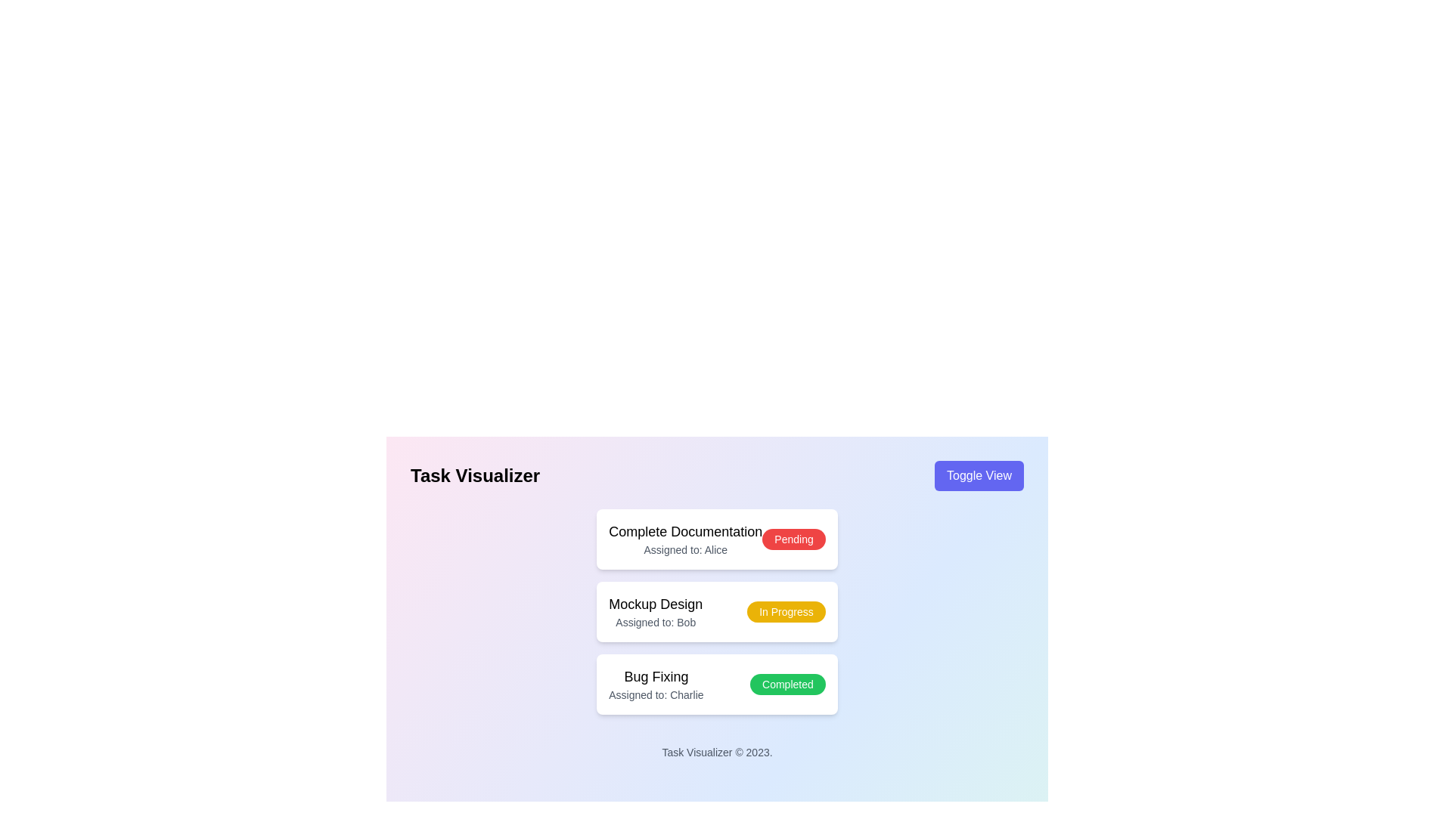  I want to click on the text label displaying 'Assigned to: Alice', which is located beneath 'Complete Documentation' within a task card at the top of the stack, so click(684, 550).